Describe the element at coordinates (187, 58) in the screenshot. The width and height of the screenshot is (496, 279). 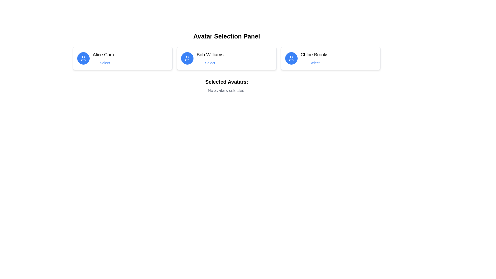
I see `the user avatar icon representing 'Bob Williams' located at the top center of the middle card in the set of three cards` at that location.